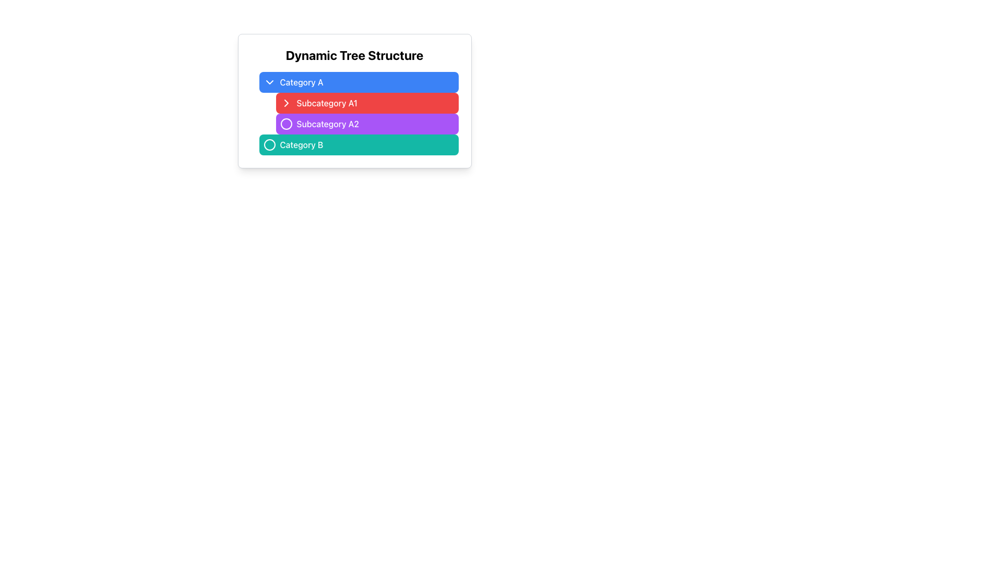 The height and width of the screenshot is (563, 1002). Describe the element at coordinates (367, 103) in the screenshot. I see `the second button in the list under 'Category A'` at that location.